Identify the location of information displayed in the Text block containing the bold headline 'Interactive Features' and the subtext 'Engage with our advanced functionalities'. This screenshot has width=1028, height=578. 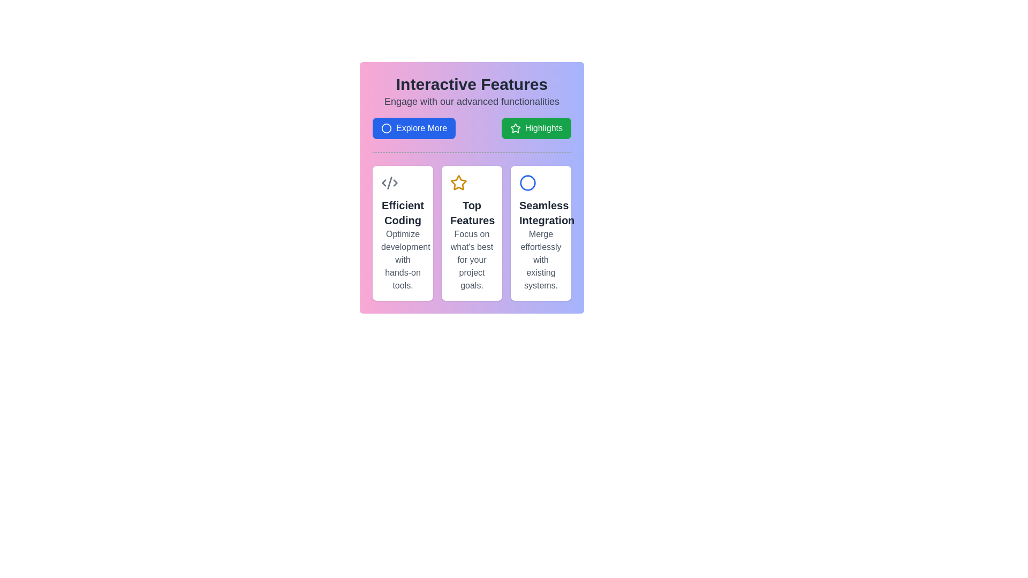
(471, 92).